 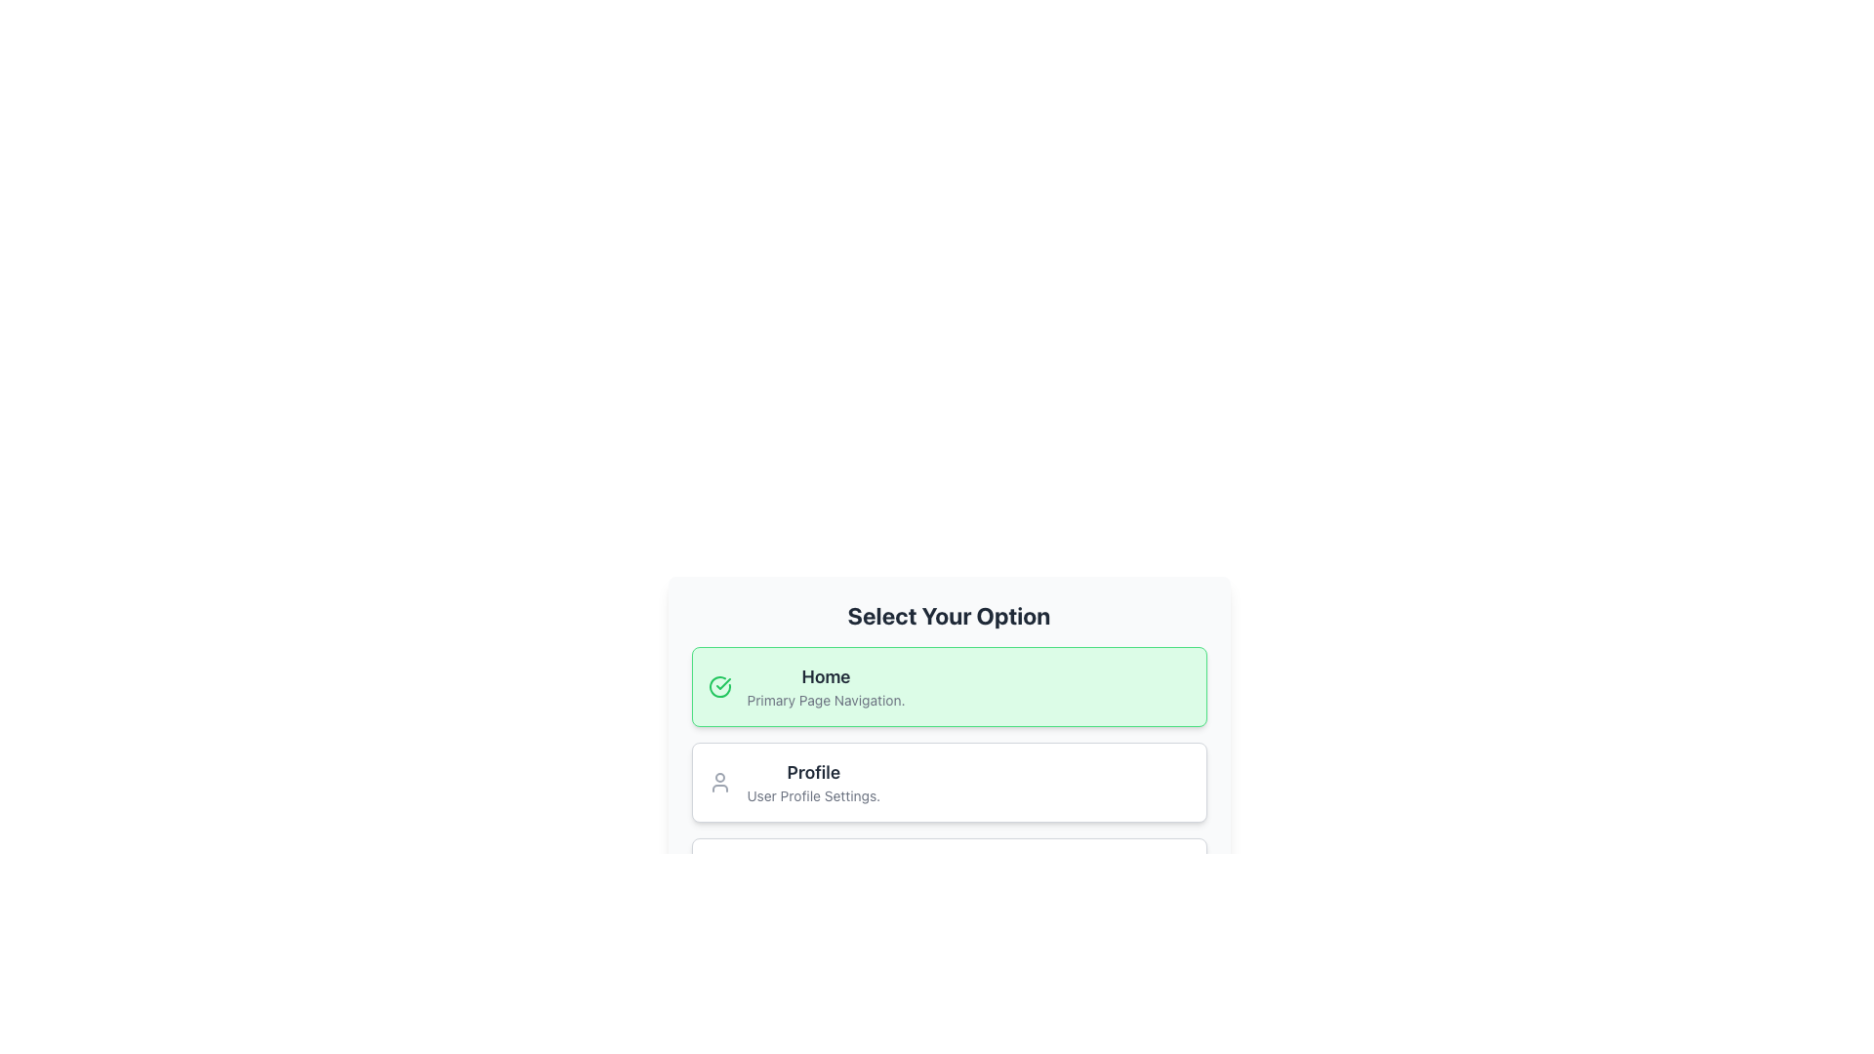 What do you see at coordinates (718, 782) in the screenshot?
I see `Profile icon located to the left of the 'Profile' heading within the menu selection` at bounding box center [718, 782].